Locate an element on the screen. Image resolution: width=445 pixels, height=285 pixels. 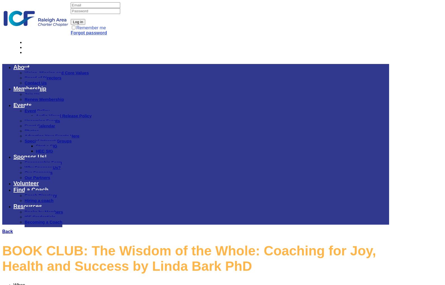
'Special Interest Groups' is located at coordinates (48, 141).